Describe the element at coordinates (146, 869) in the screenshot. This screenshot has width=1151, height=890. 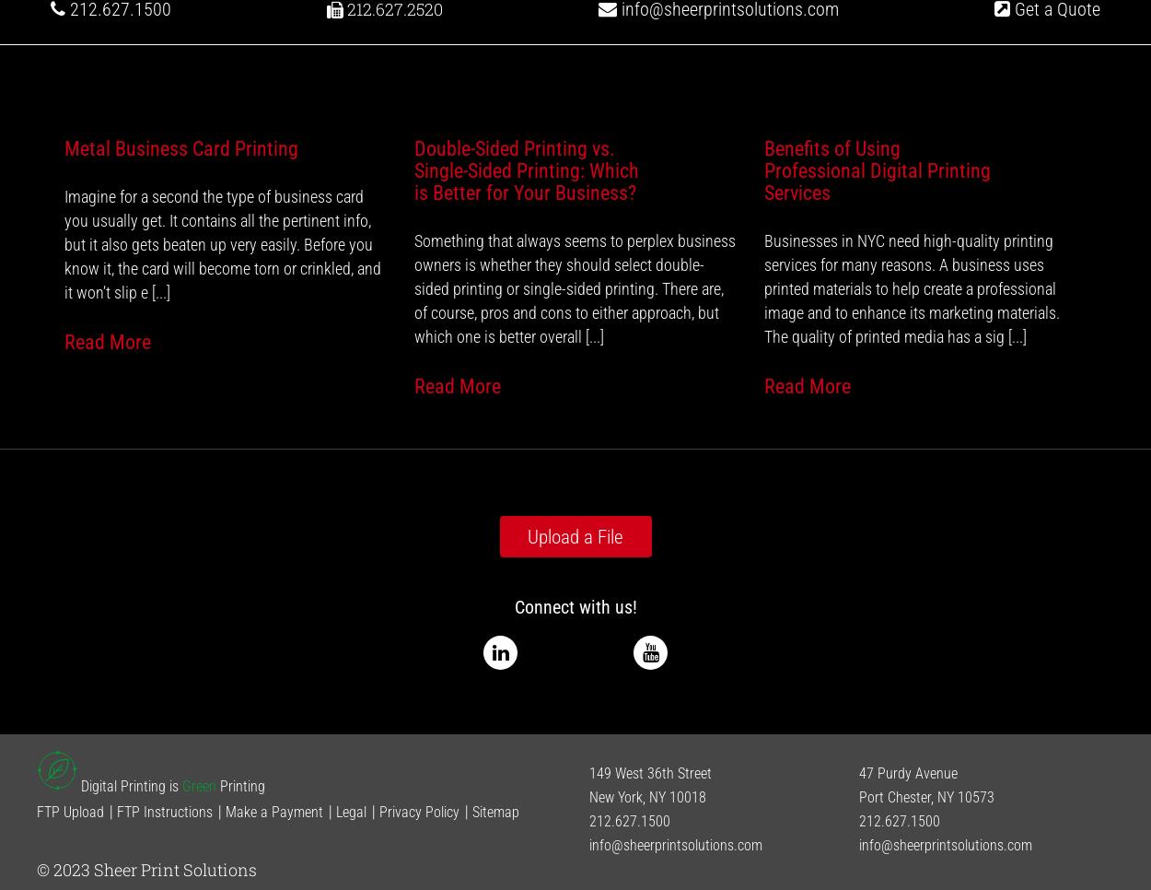
I see `'© 2023 Sheer Print Solutions'` at that location.